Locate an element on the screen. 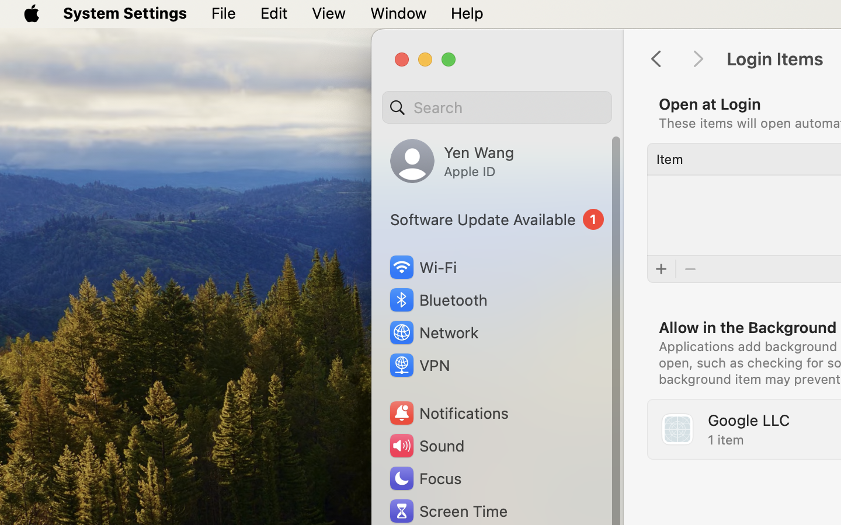 The width and height of the screenshot is (841, 525). 'Sound' is located at coordinates (425, 445).